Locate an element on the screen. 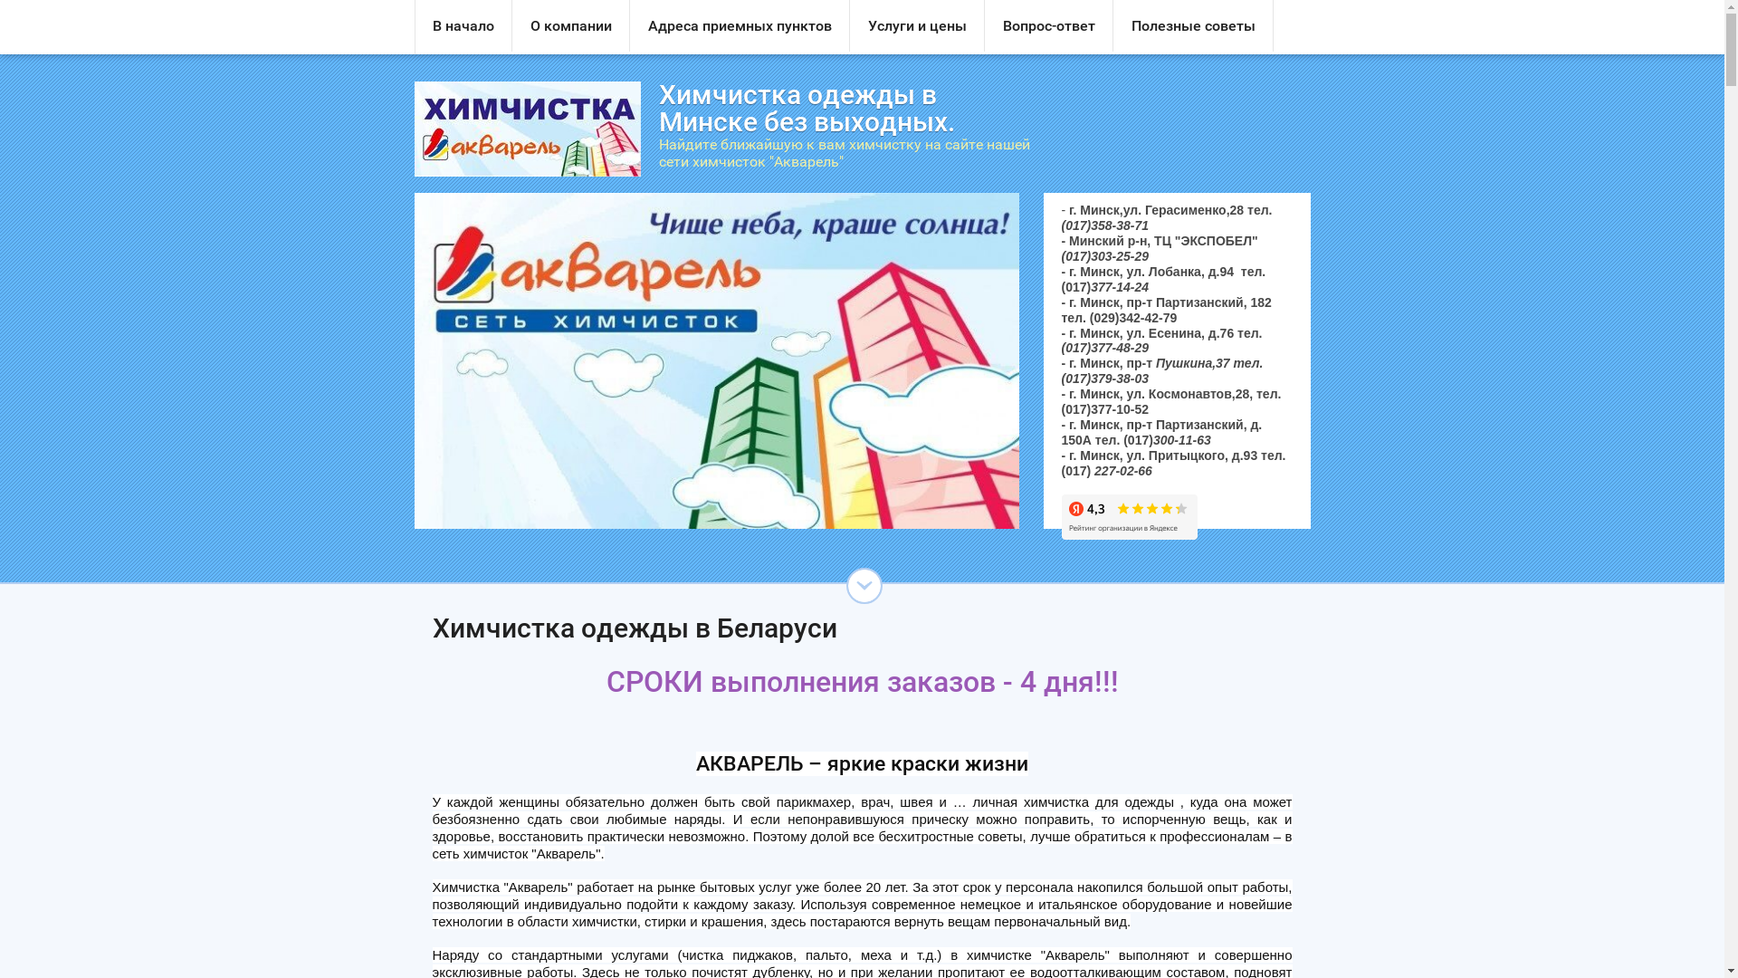 This screenshot has width=1738, height=978. '(017)377-14-24' is located at coordinates (1103, 285).